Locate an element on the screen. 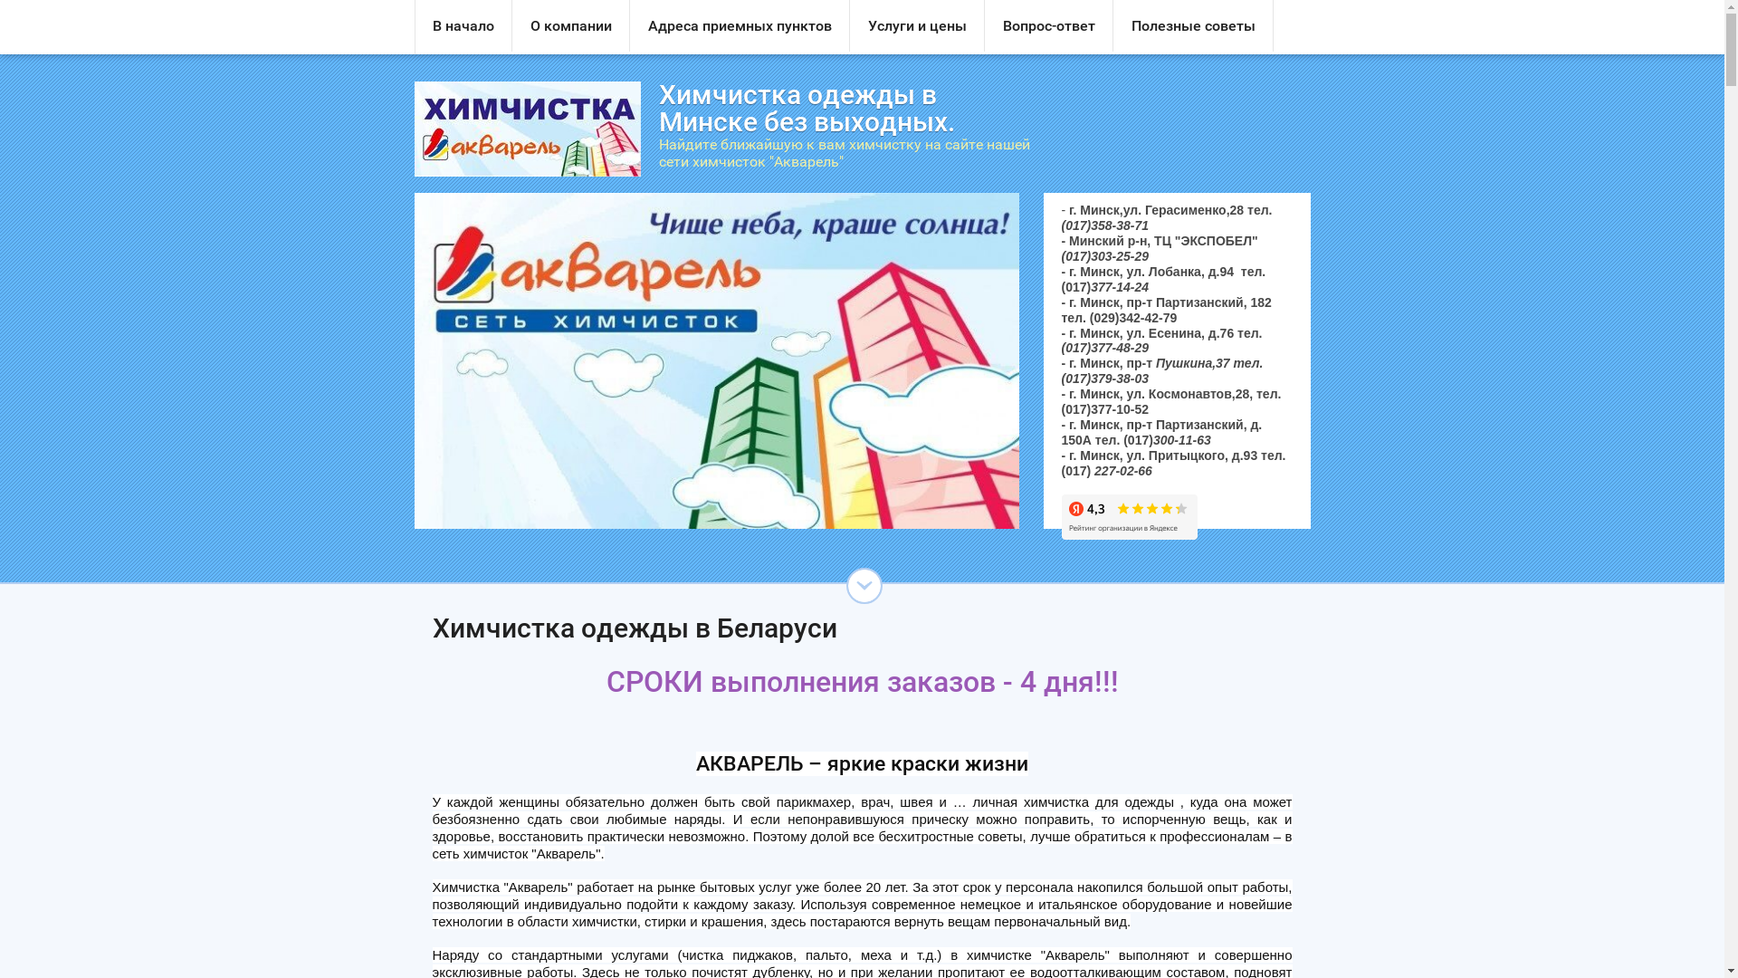 This screenshot has width=1738, height=978. '(017)377-14-24' is located at coordinates (1103, 285).